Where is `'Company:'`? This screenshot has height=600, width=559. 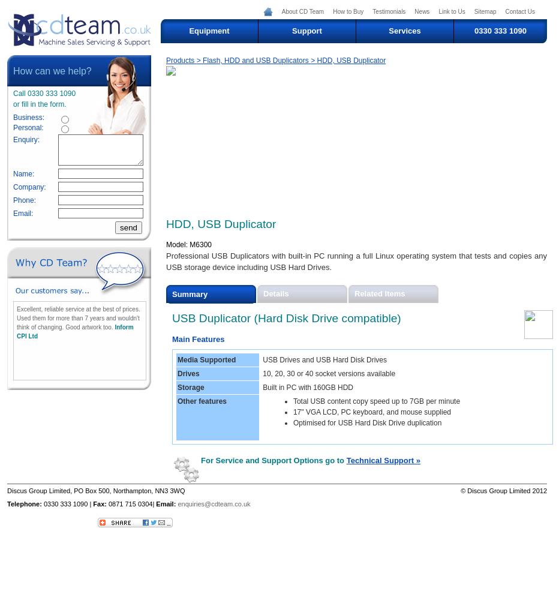 'Company:' is located at coordinates (29, 187).